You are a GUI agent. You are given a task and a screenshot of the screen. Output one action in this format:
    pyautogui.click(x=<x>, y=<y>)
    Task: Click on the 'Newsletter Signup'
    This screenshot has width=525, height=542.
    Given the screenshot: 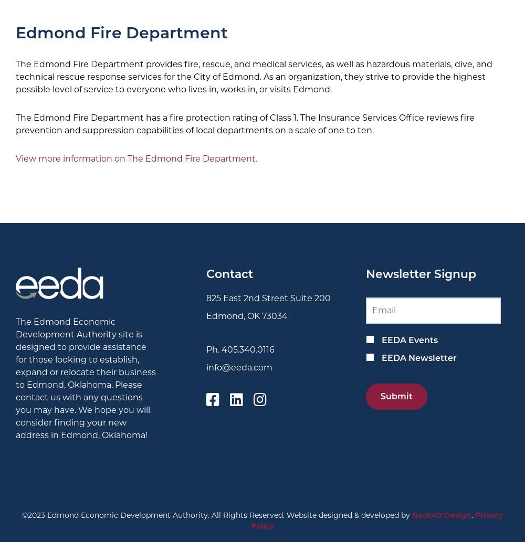 What is the action you would take?
    pyautogui.click(x=365, y=273)
    